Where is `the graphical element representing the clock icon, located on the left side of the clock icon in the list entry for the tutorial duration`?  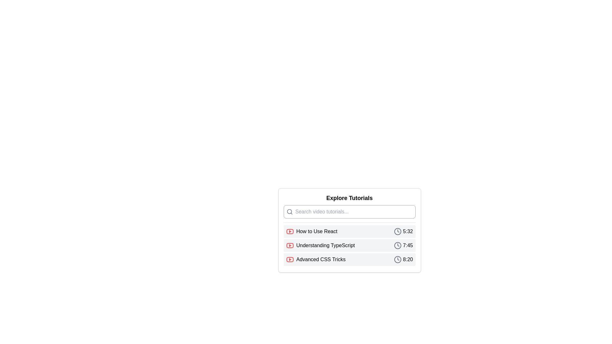 the graphical element representing the clock icon, located on the left side of the clock icon in the list entry for the tutorial duration is located at coordinates (397, 231).